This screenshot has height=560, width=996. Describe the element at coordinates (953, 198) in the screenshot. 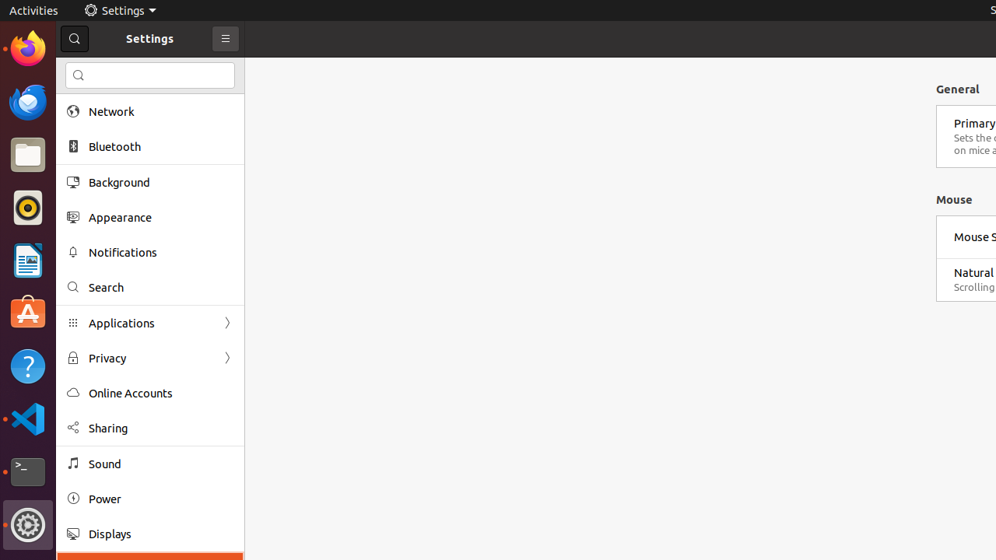

I see `'Mouse'` at that location.